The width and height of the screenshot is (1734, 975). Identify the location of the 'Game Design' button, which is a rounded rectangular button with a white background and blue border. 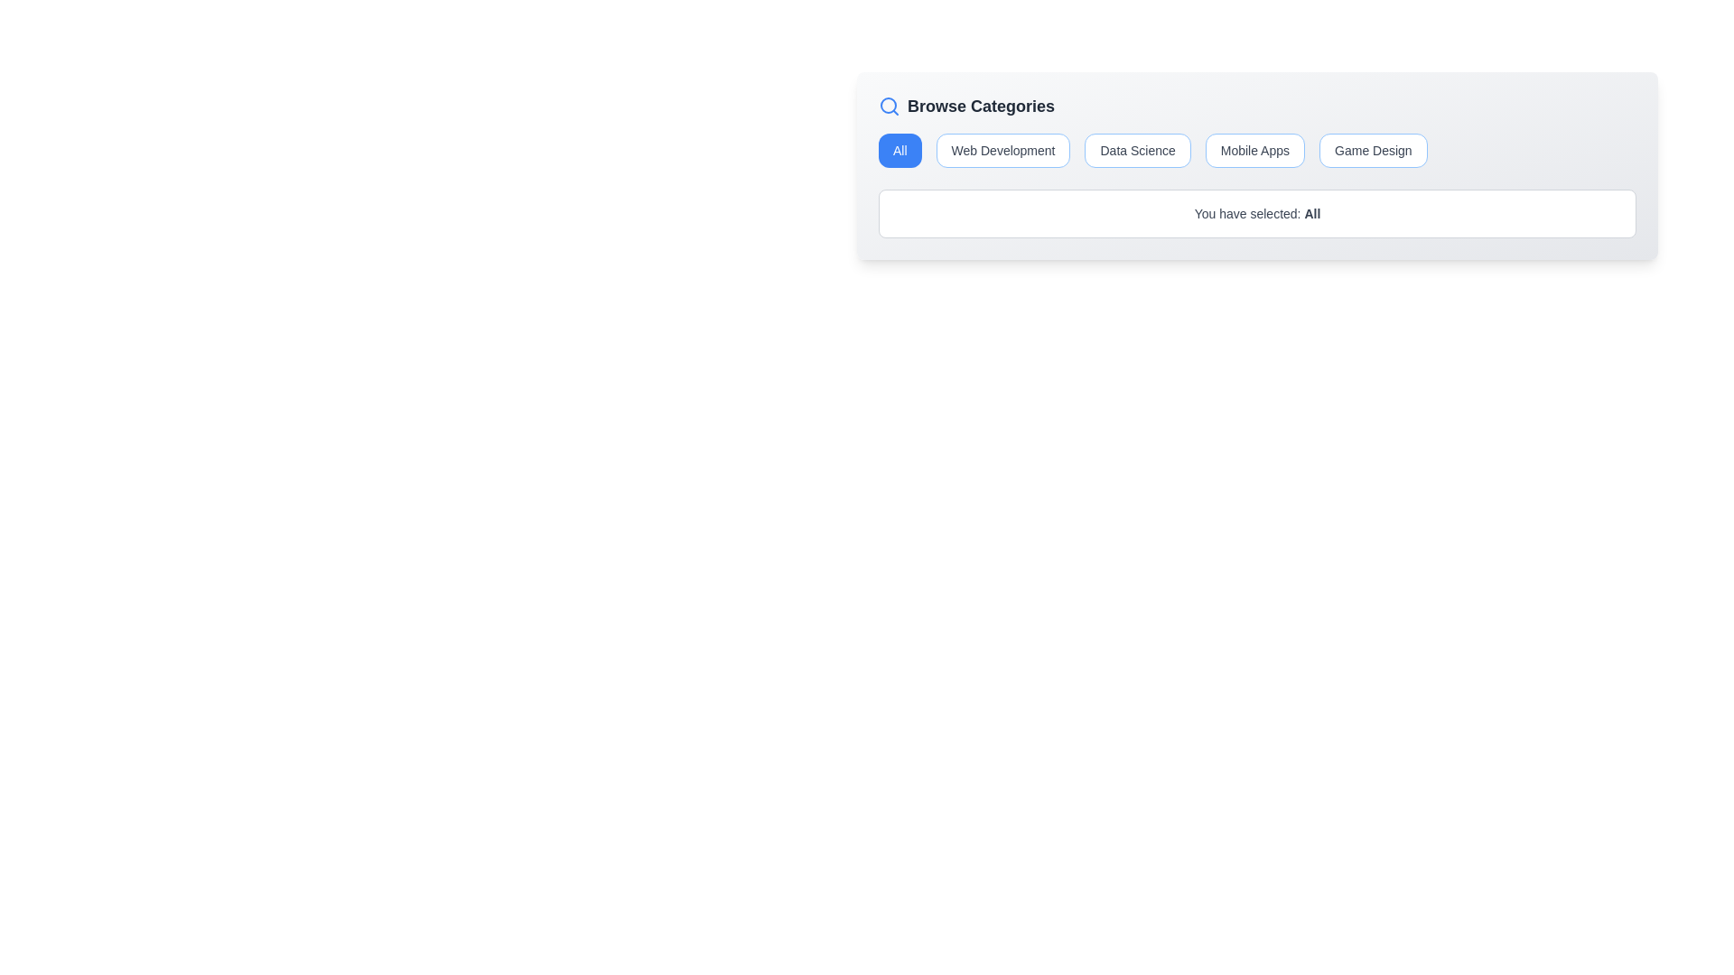
(1373, 149).